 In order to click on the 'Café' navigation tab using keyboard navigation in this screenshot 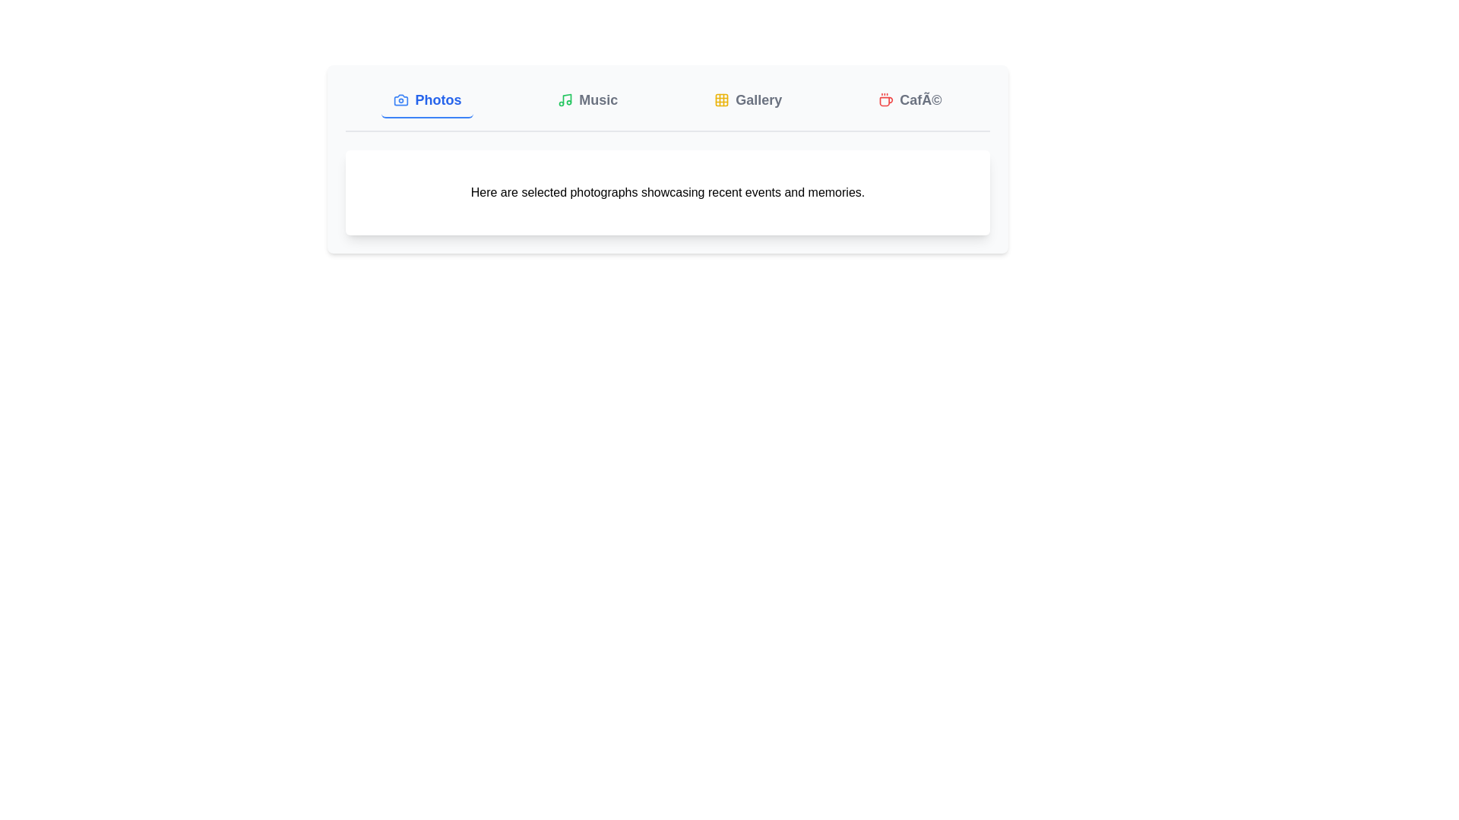, I will do `click(910, 100)`.